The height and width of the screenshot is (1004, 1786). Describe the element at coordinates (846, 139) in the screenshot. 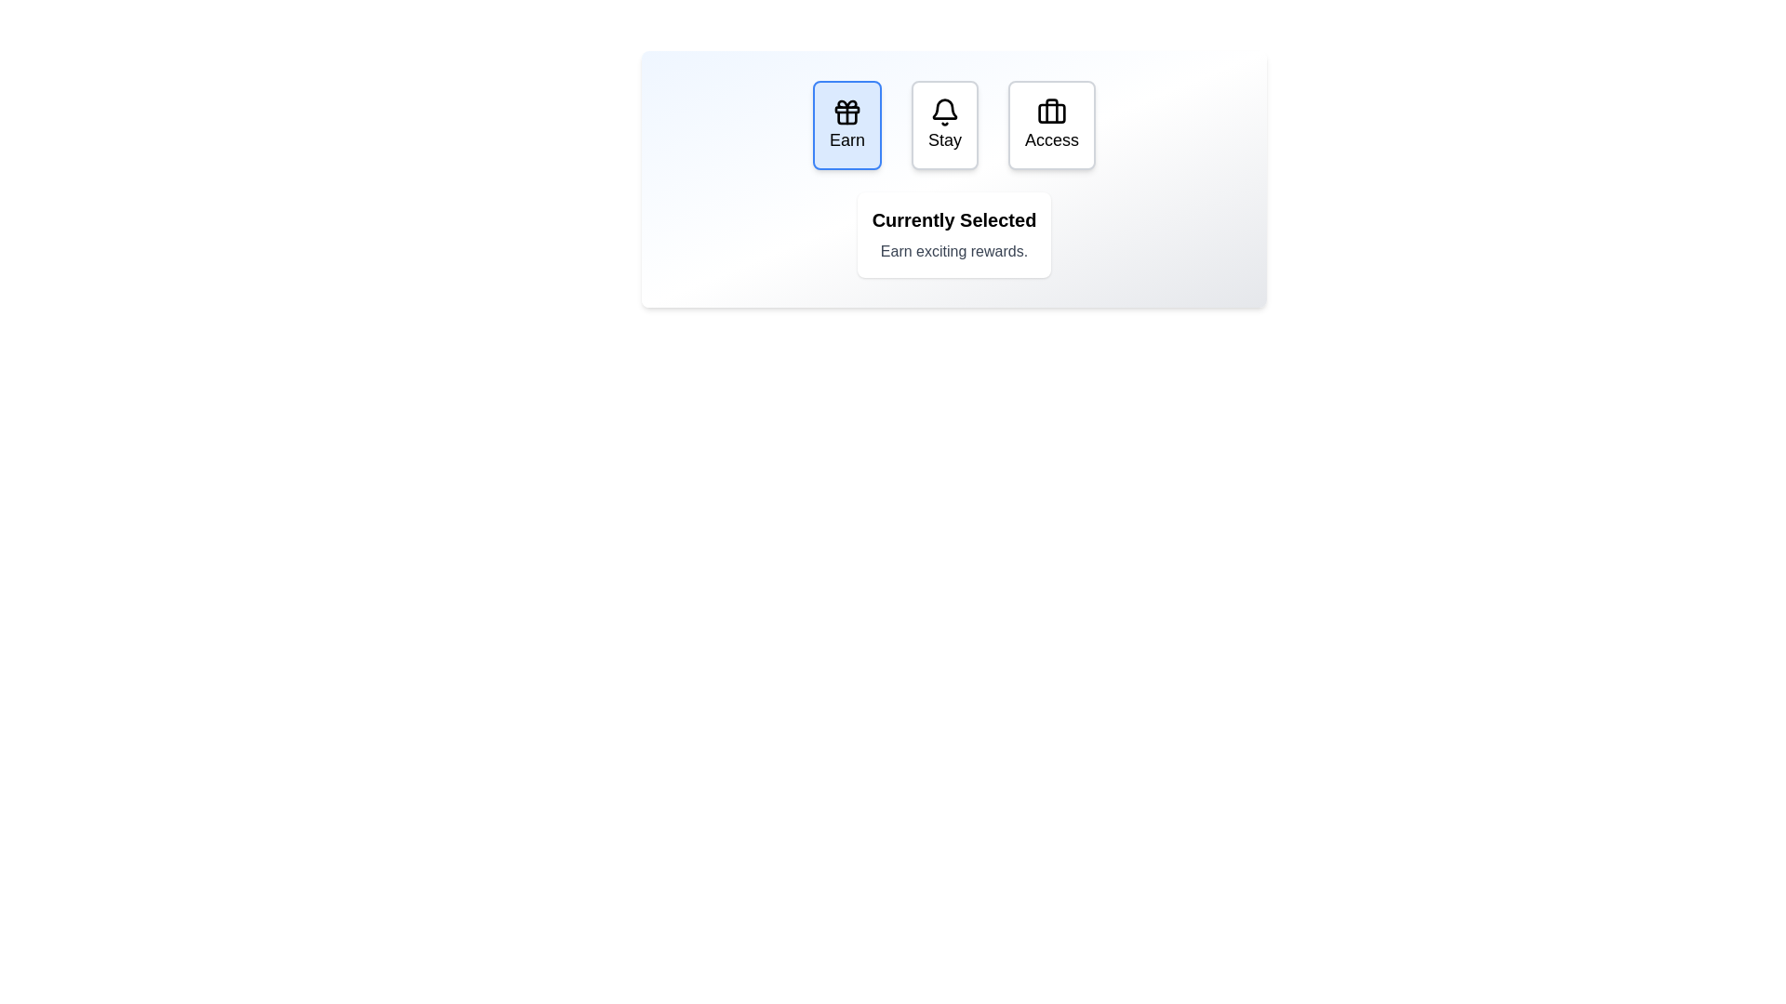

I see `the 'Earn' text label located under the gift icon in the first of three horizontally aligned interactive options` at that location.